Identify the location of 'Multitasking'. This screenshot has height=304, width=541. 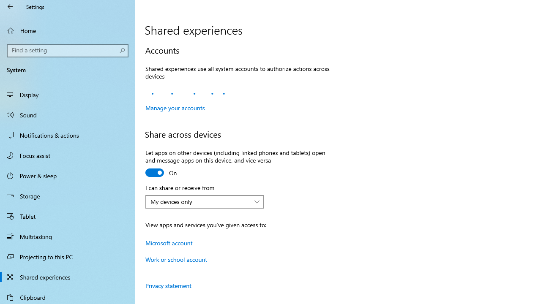
(68, 236).